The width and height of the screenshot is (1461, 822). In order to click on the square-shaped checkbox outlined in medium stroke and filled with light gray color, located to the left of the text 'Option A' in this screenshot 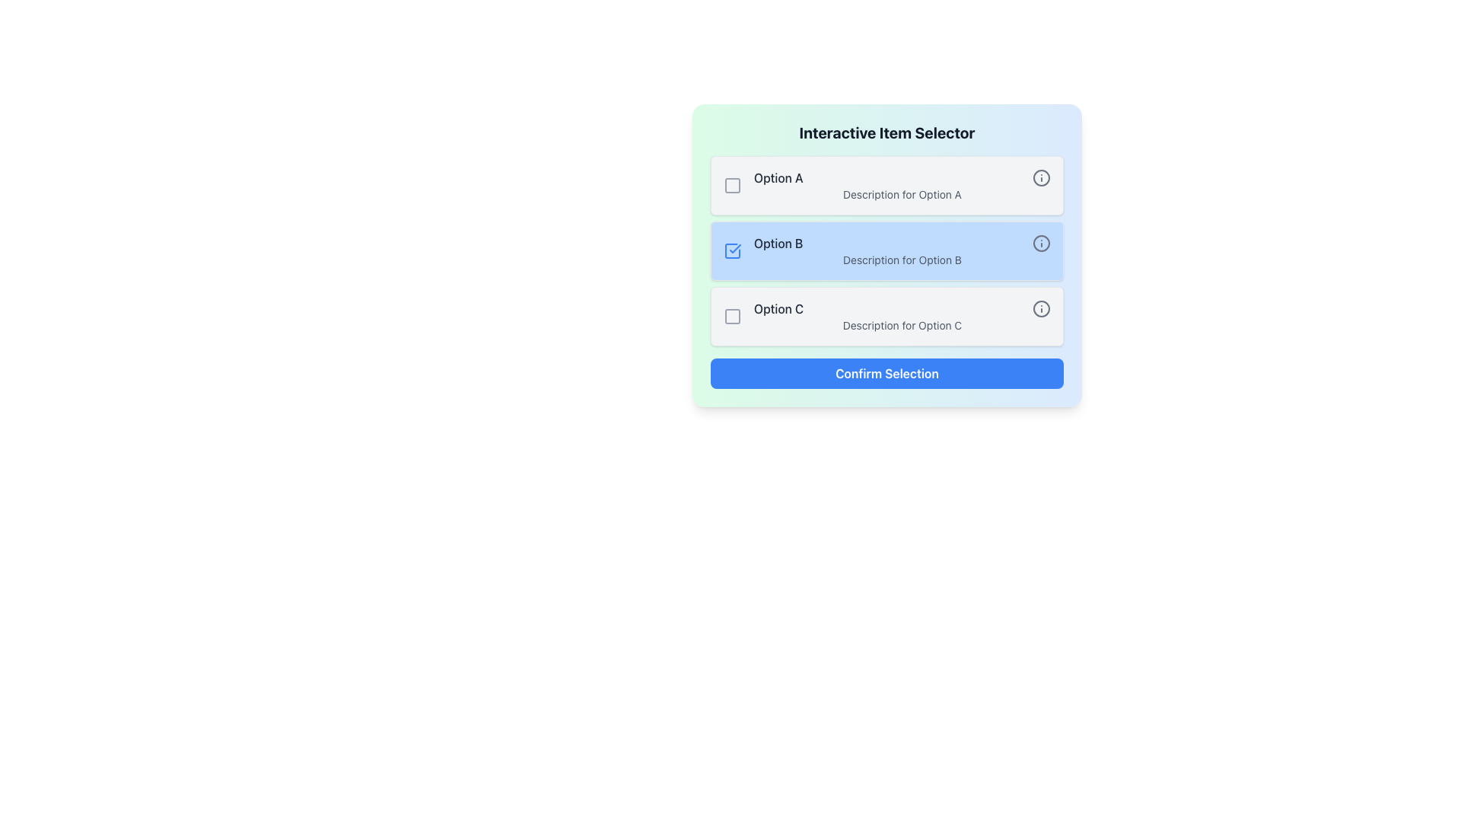, I will do `click(733, 184)`.